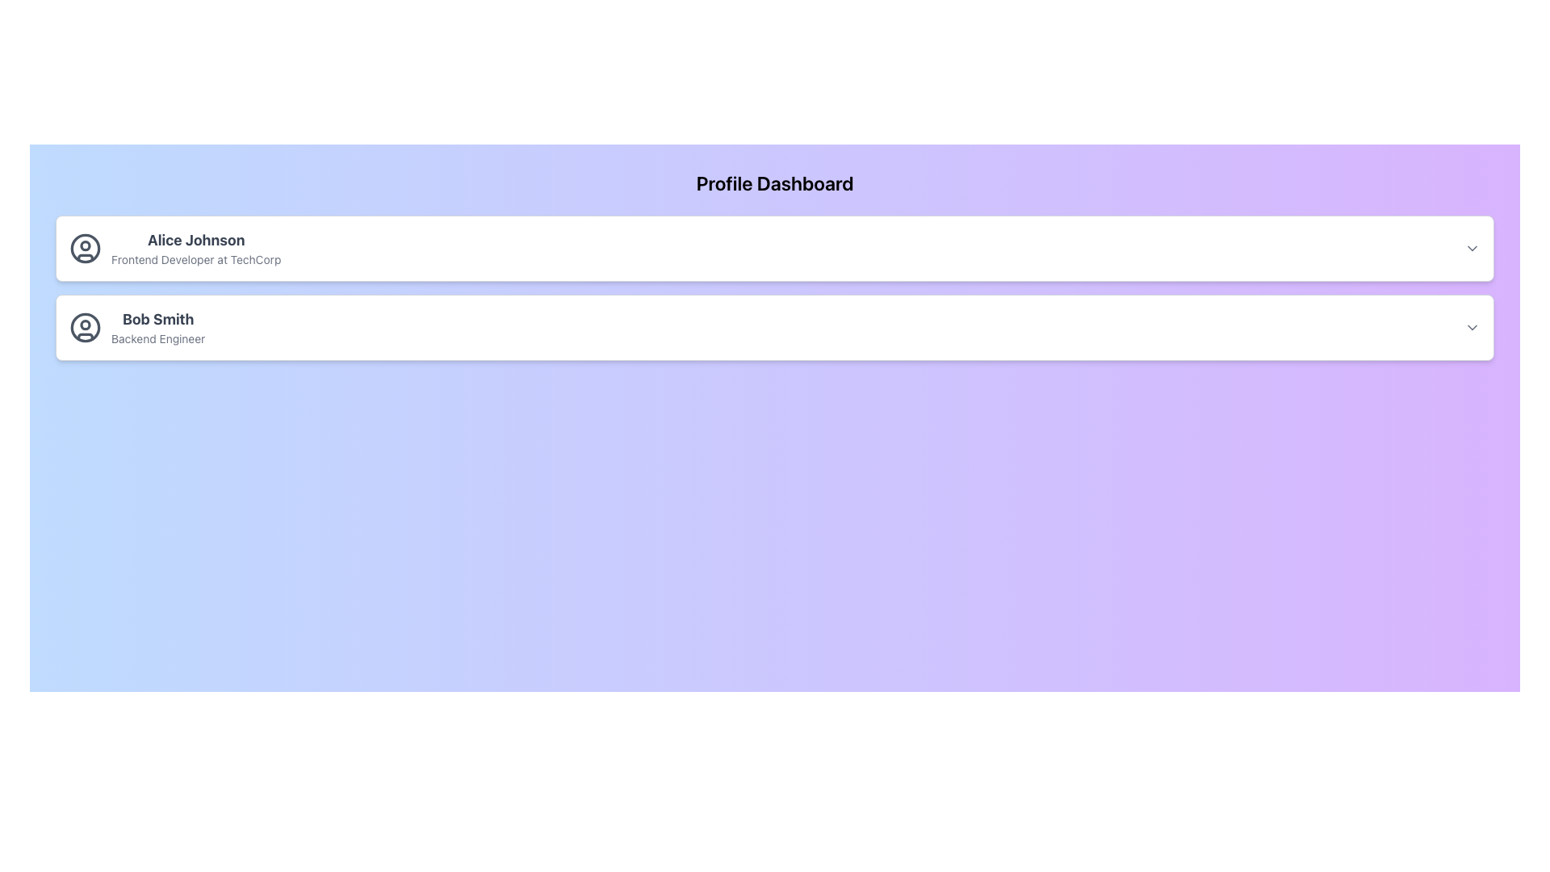 The height and width of the screenshot is (872, 1550). What do you see at coordinates (84, 327) in the screenshot?
I see `the circular gray icon located in the middle-left section of the 'Bob Smith' user profile card` at bounding box center [84, 327].